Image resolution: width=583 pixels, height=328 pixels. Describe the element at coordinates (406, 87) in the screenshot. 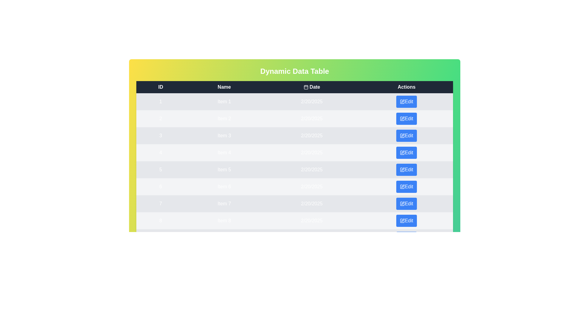

I see `the header to sort the column by Actions` at that location.